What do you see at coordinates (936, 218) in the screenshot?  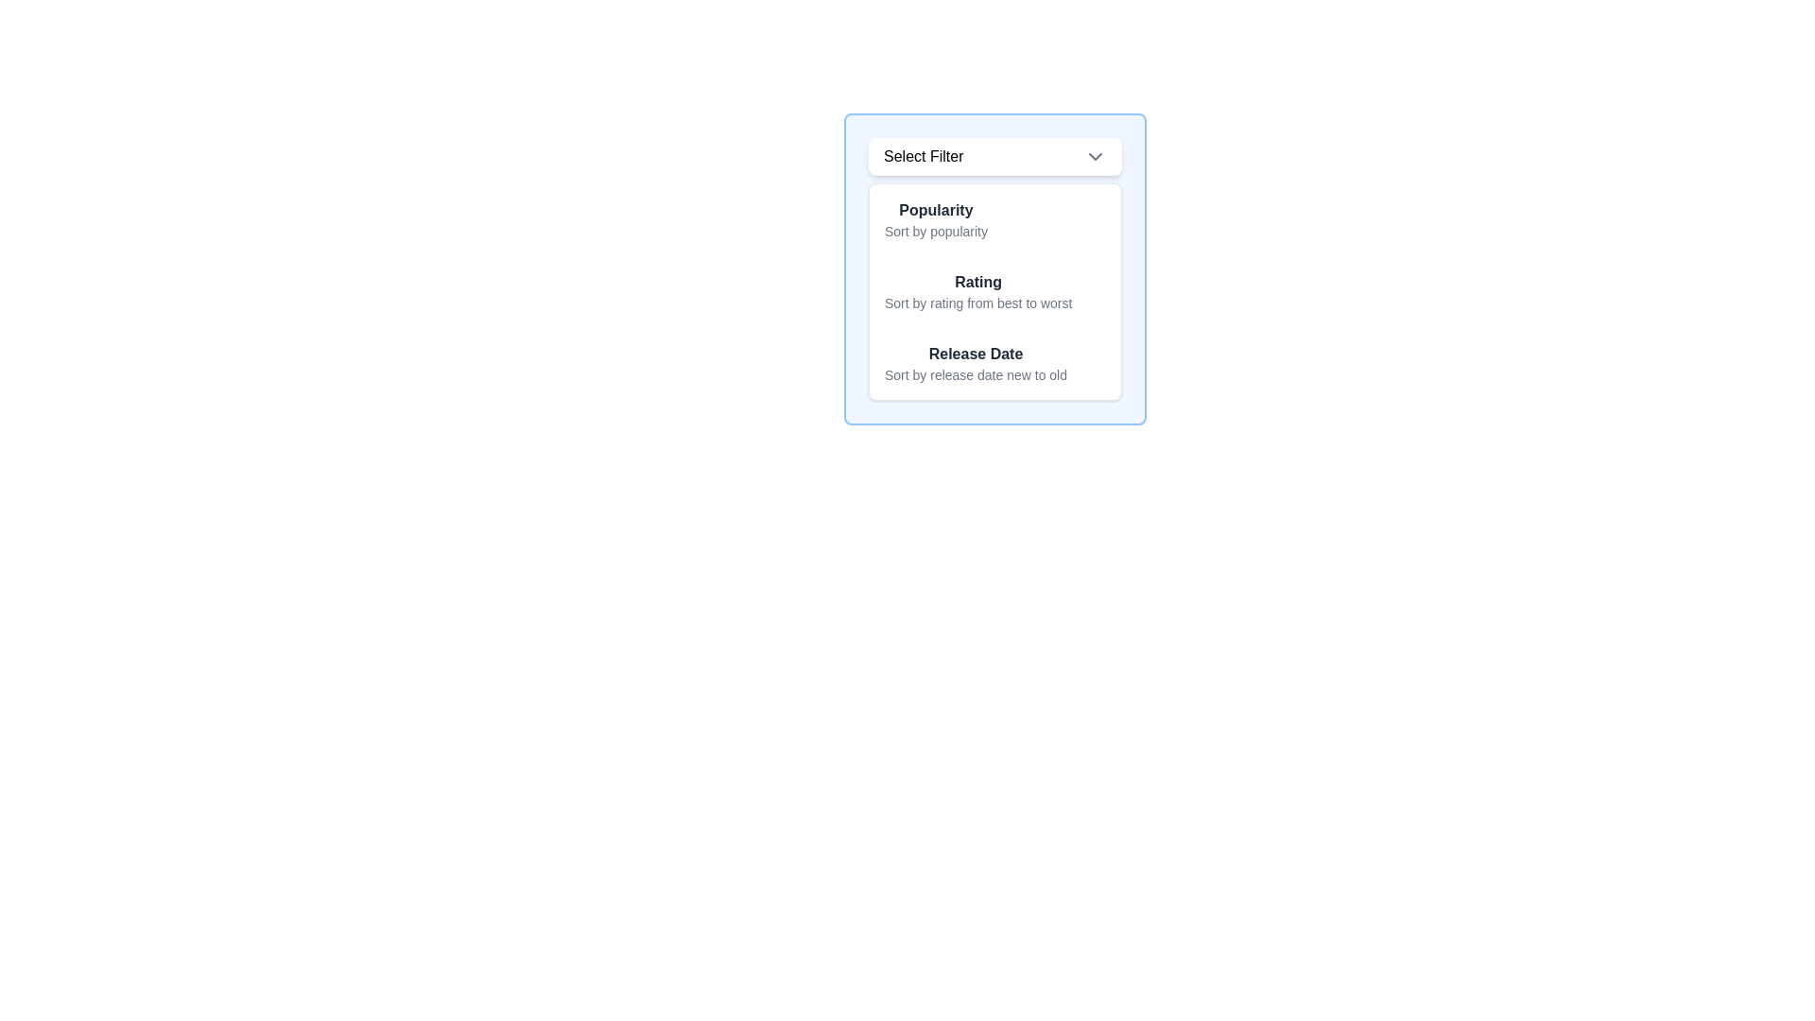 I see `the first selectable option in the 'Select Filter' dropdown menu` at bounding box center [936, 218].